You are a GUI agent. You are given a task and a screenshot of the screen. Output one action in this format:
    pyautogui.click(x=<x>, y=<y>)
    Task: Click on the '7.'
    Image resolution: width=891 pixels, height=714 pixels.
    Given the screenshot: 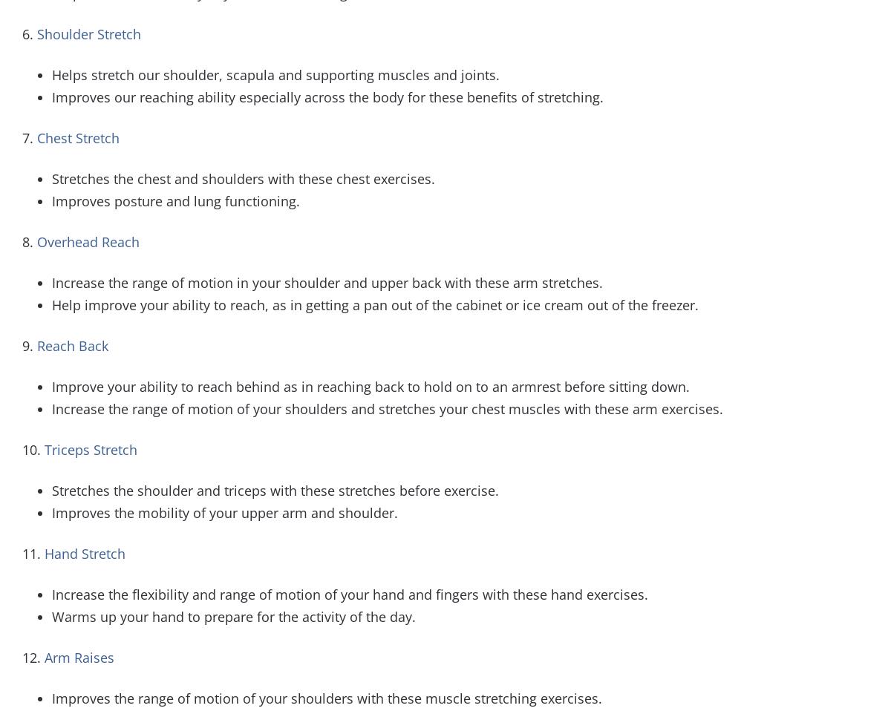 What is the action you would take?
    pyautogui.click(x=29, y=137)
    